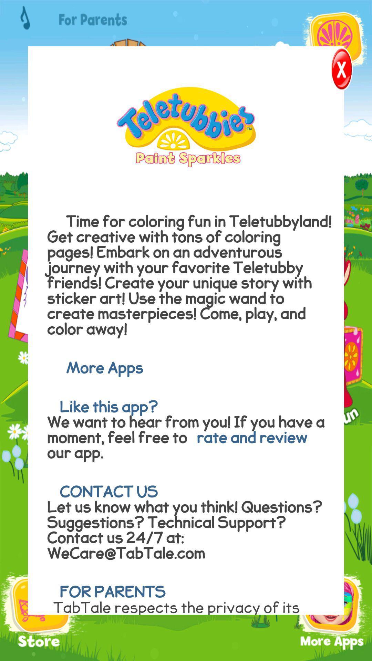  Describe the element at coordinates (331, 71) in the screenshot. I see `the page` at that location.